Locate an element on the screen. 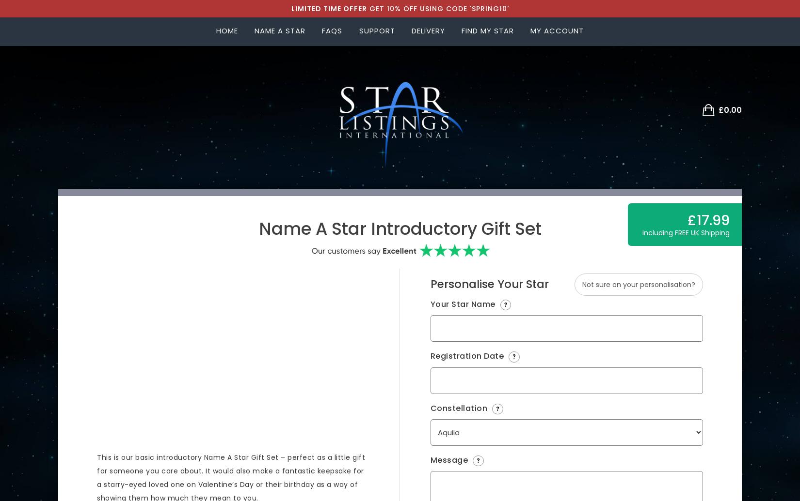  'name a star' is located at coordinates (279, 30).